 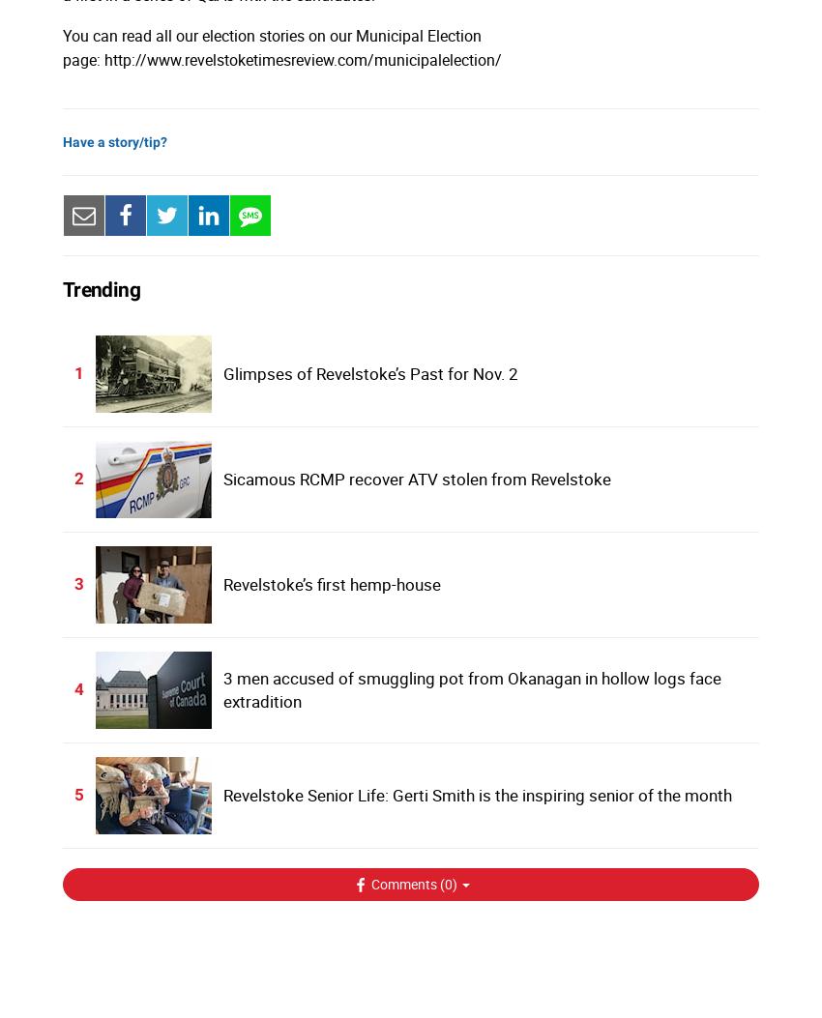 I want to click on '0', so click(x=446, y=882).